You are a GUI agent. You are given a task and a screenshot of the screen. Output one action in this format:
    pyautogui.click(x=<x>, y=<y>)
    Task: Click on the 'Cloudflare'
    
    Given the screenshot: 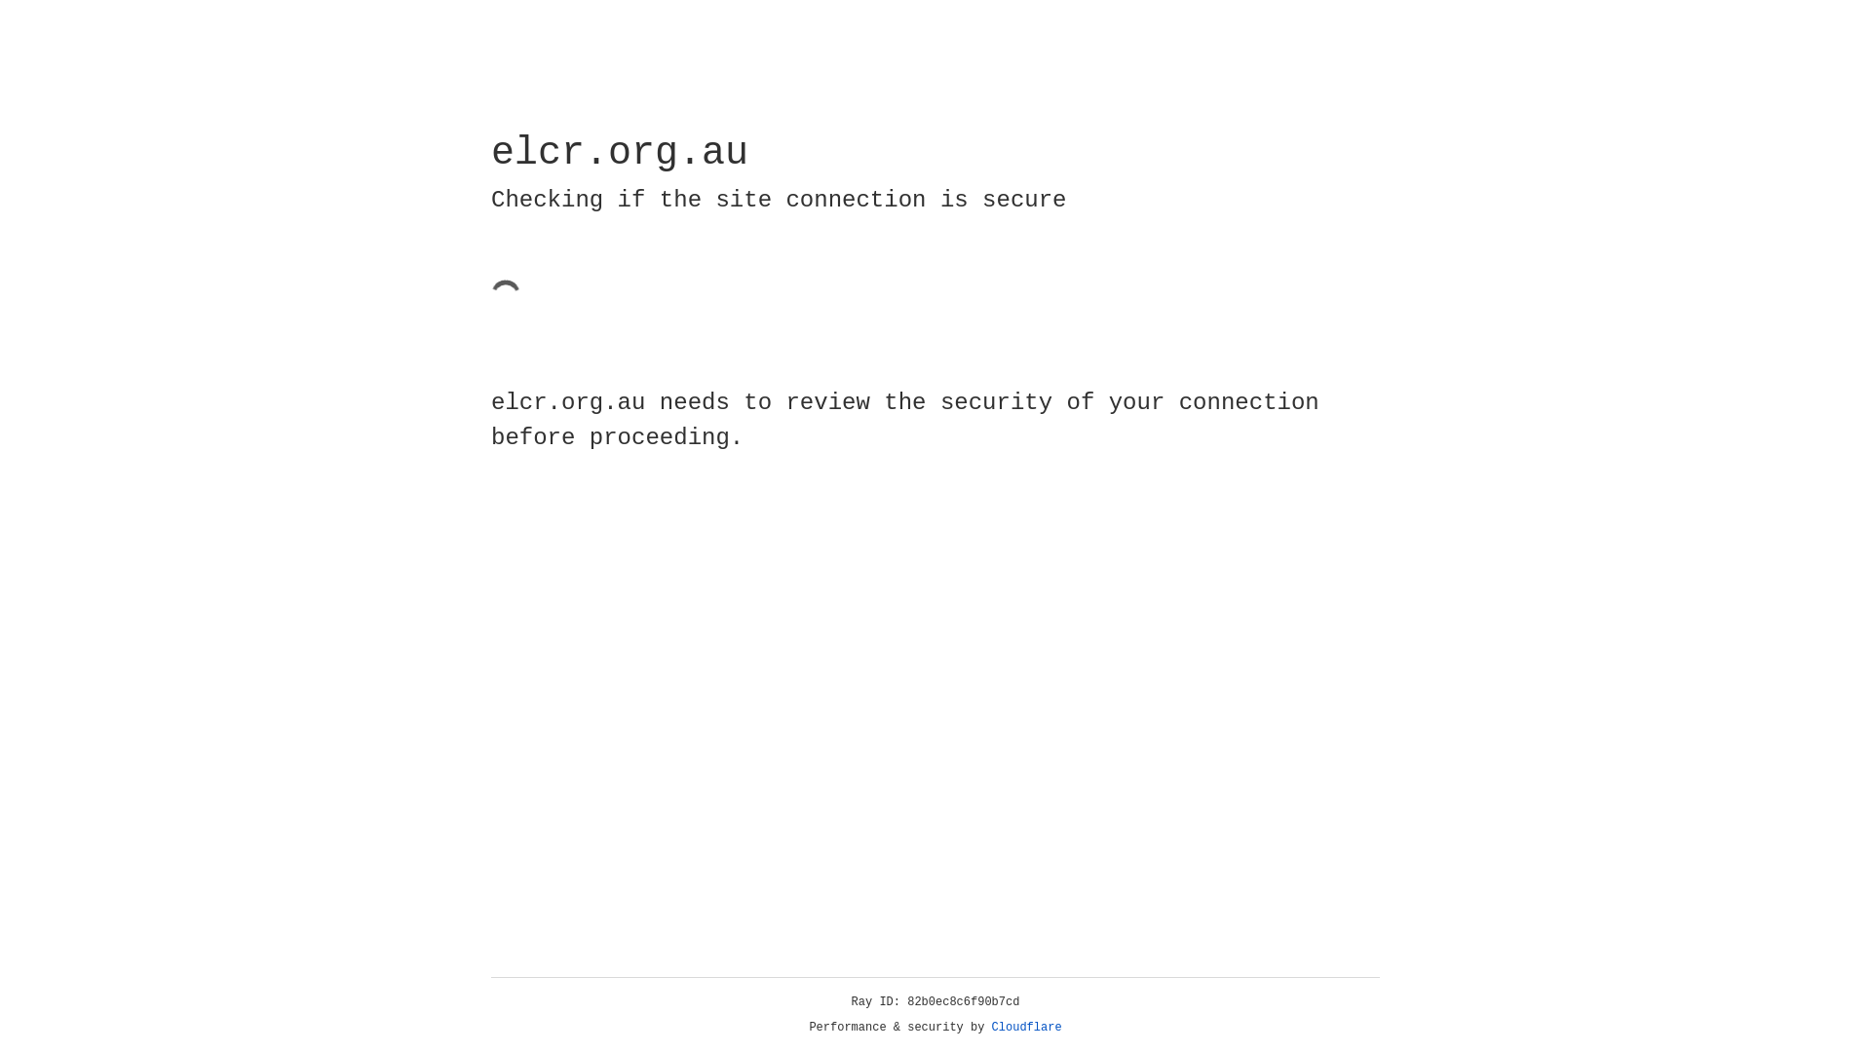 What is the action you would take?
    pyautogui.click(x=1026, y=1027)
    